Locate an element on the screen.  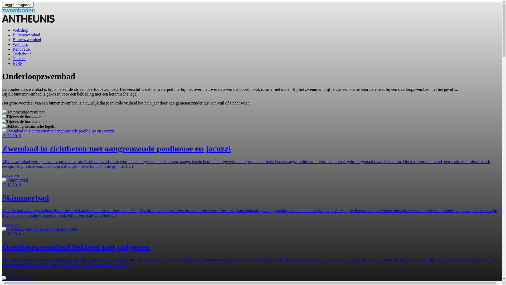
'Wellness' is located at coordinates (20, 44).